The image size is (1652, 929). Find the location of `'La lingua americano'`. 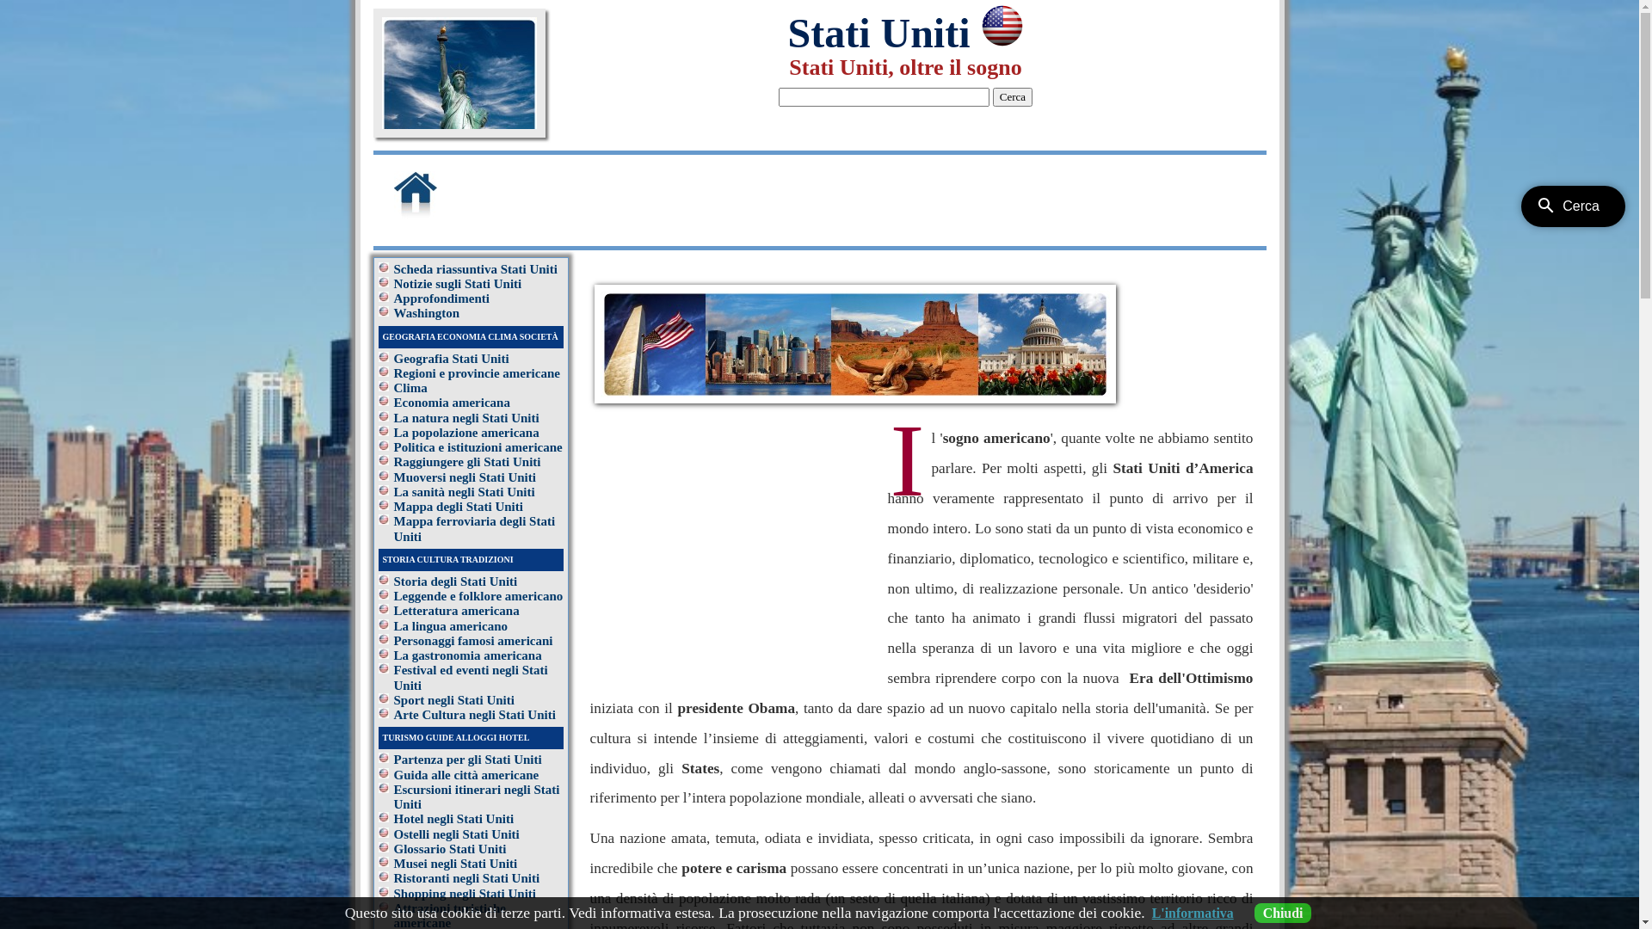

'La lingua americano' is located at coordinates (451, 626).